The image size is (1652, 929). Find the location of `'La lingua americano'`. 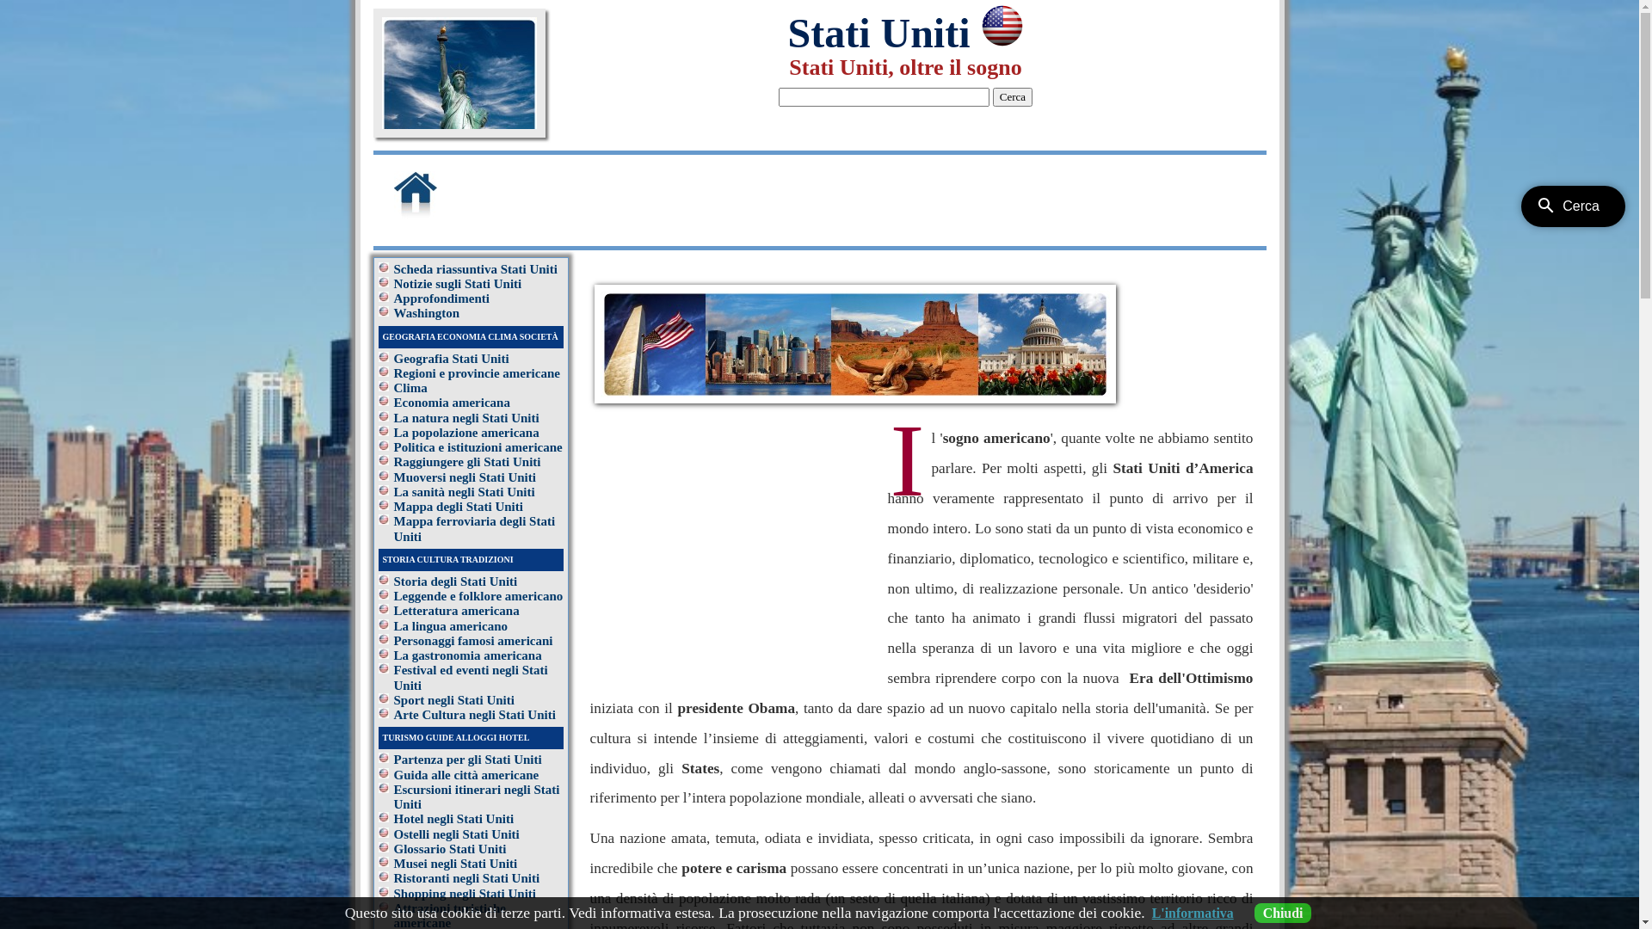

'La lingua americano' is located at coordinates (451, 626).